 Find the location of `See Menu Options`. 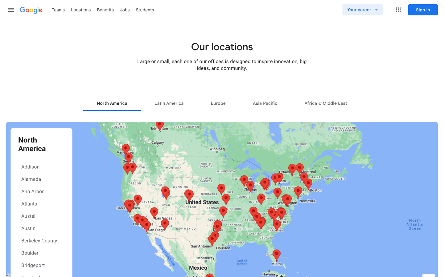

See Menu Options is located at coordinates (398, 10).